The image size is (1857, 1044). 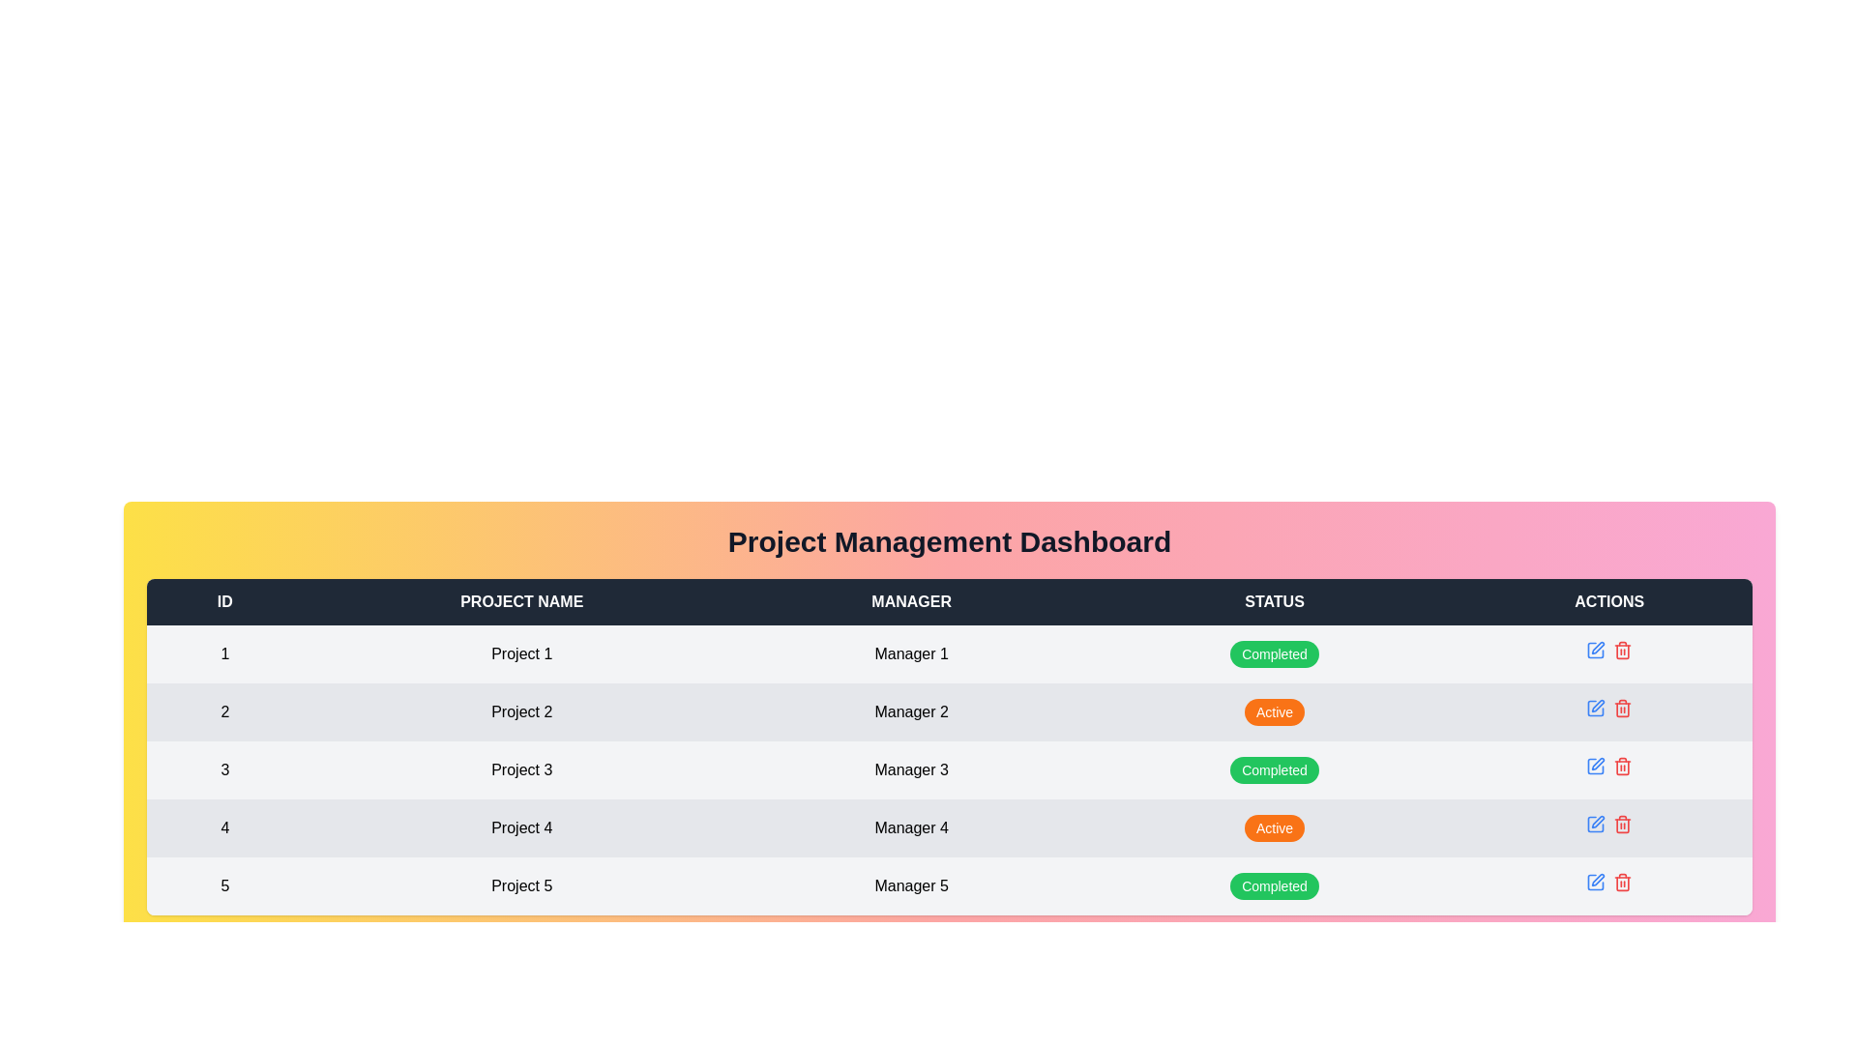 I want to click on the edit icon located in the last row of the 'Actions' column in the table, so click(x=1598, y=880).